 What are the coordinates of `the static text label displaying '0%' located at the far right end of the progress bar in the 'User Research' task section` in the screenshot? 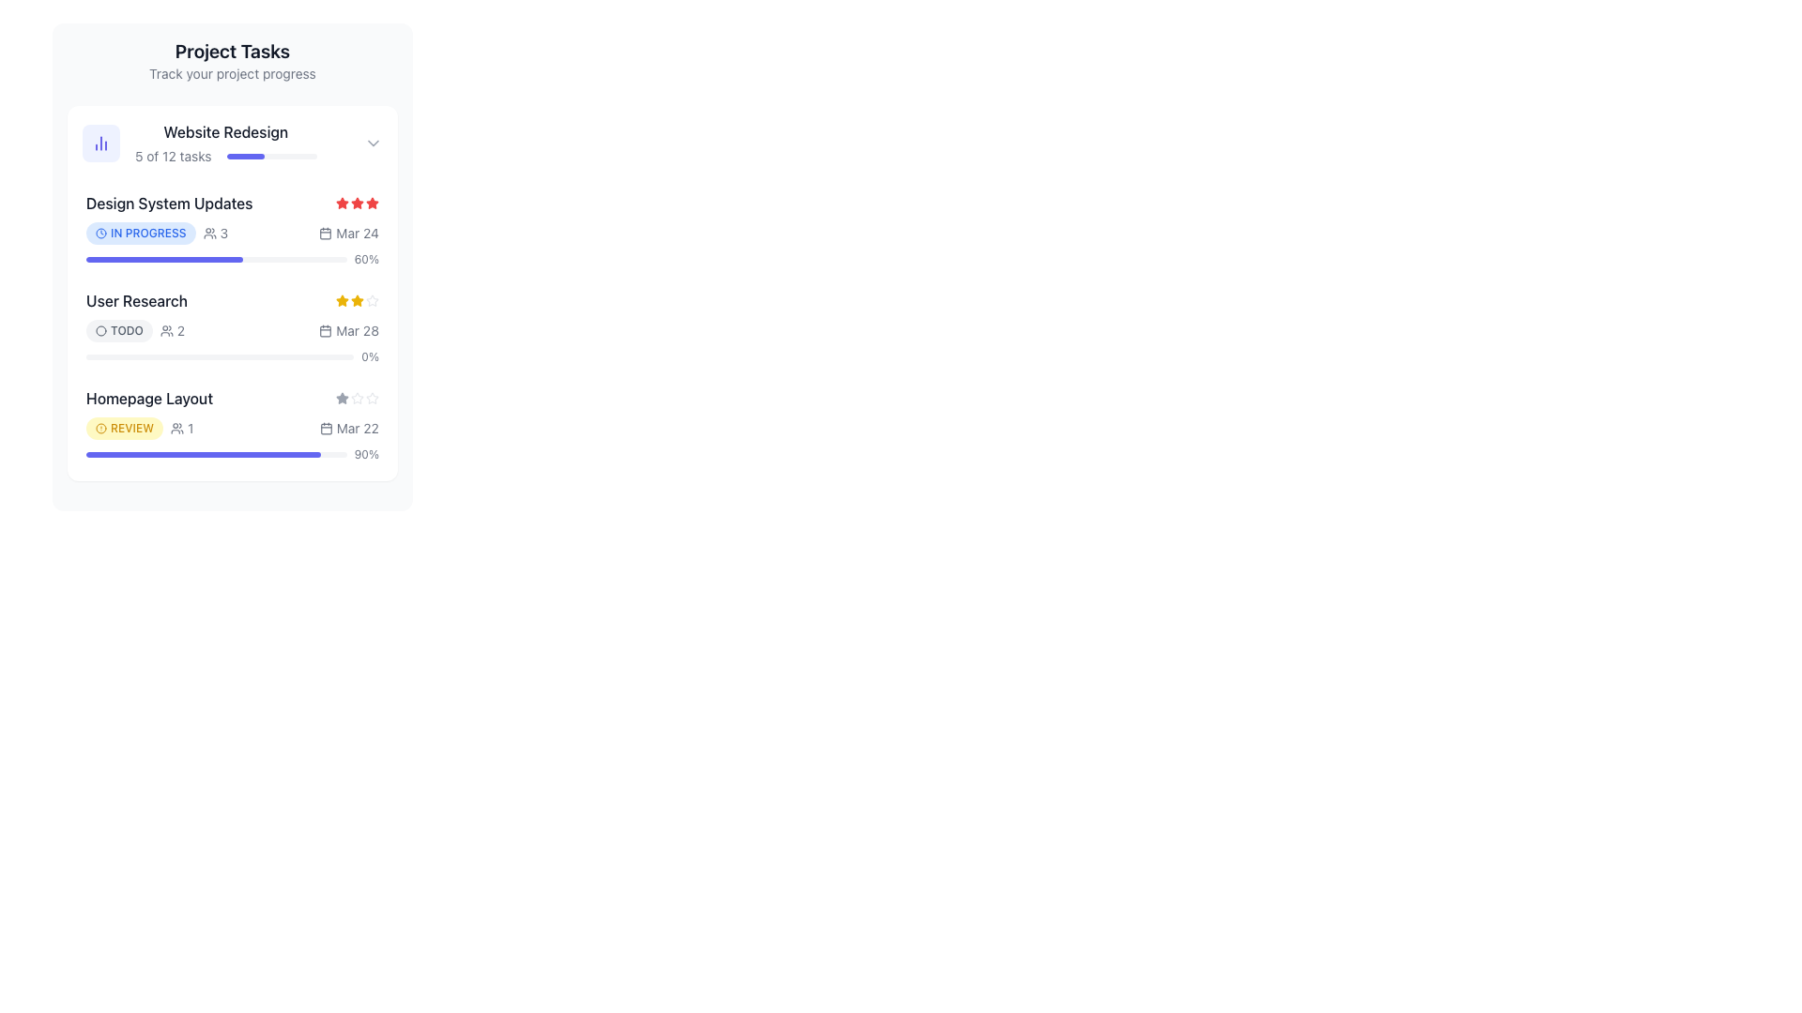 It's located at (370, 357).